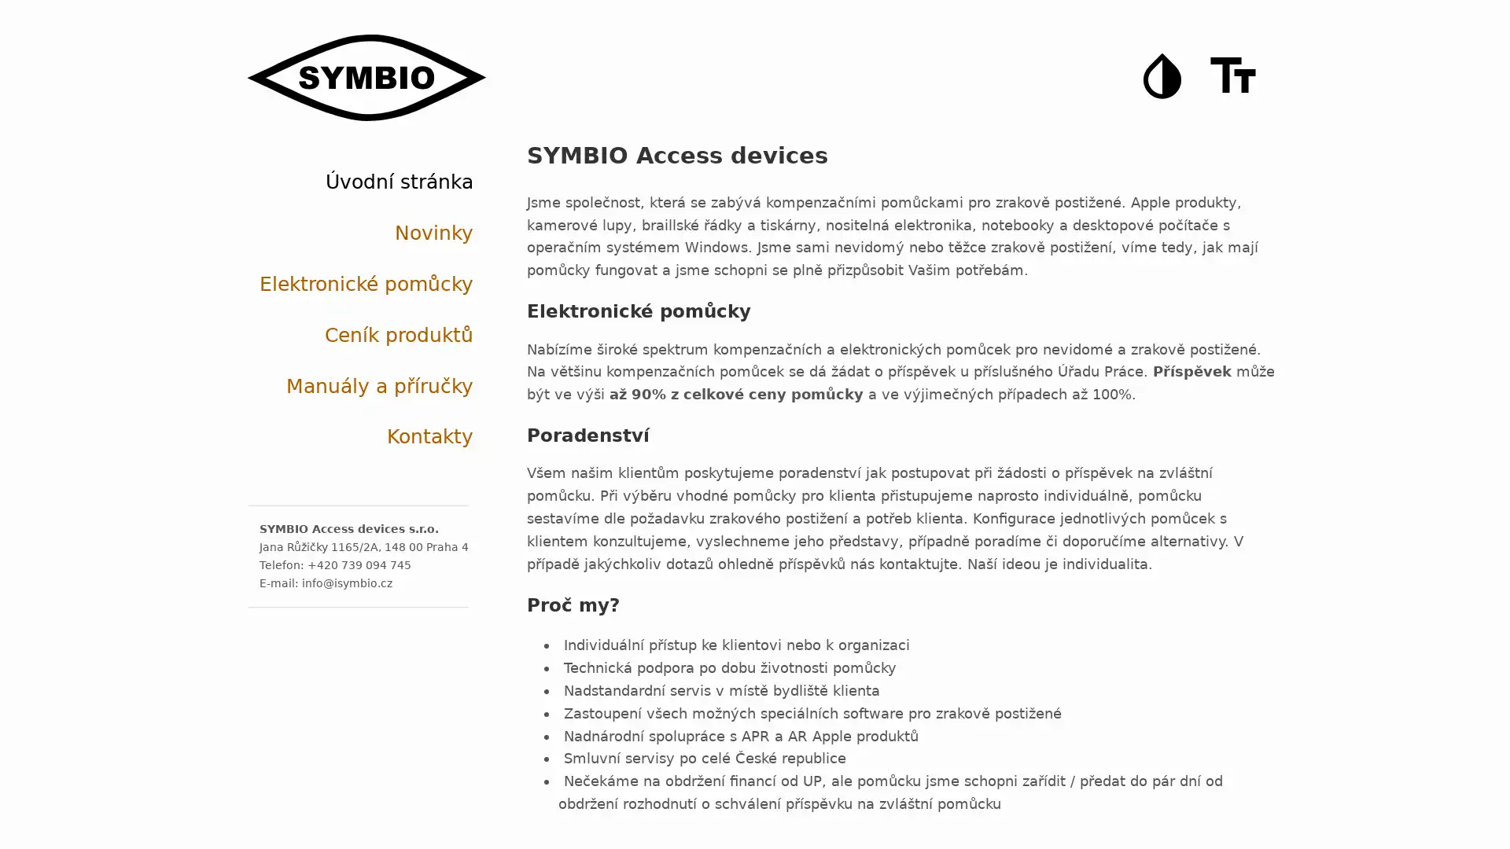  I want to click on Zmenit velikost pisma, so click(1232, 75).